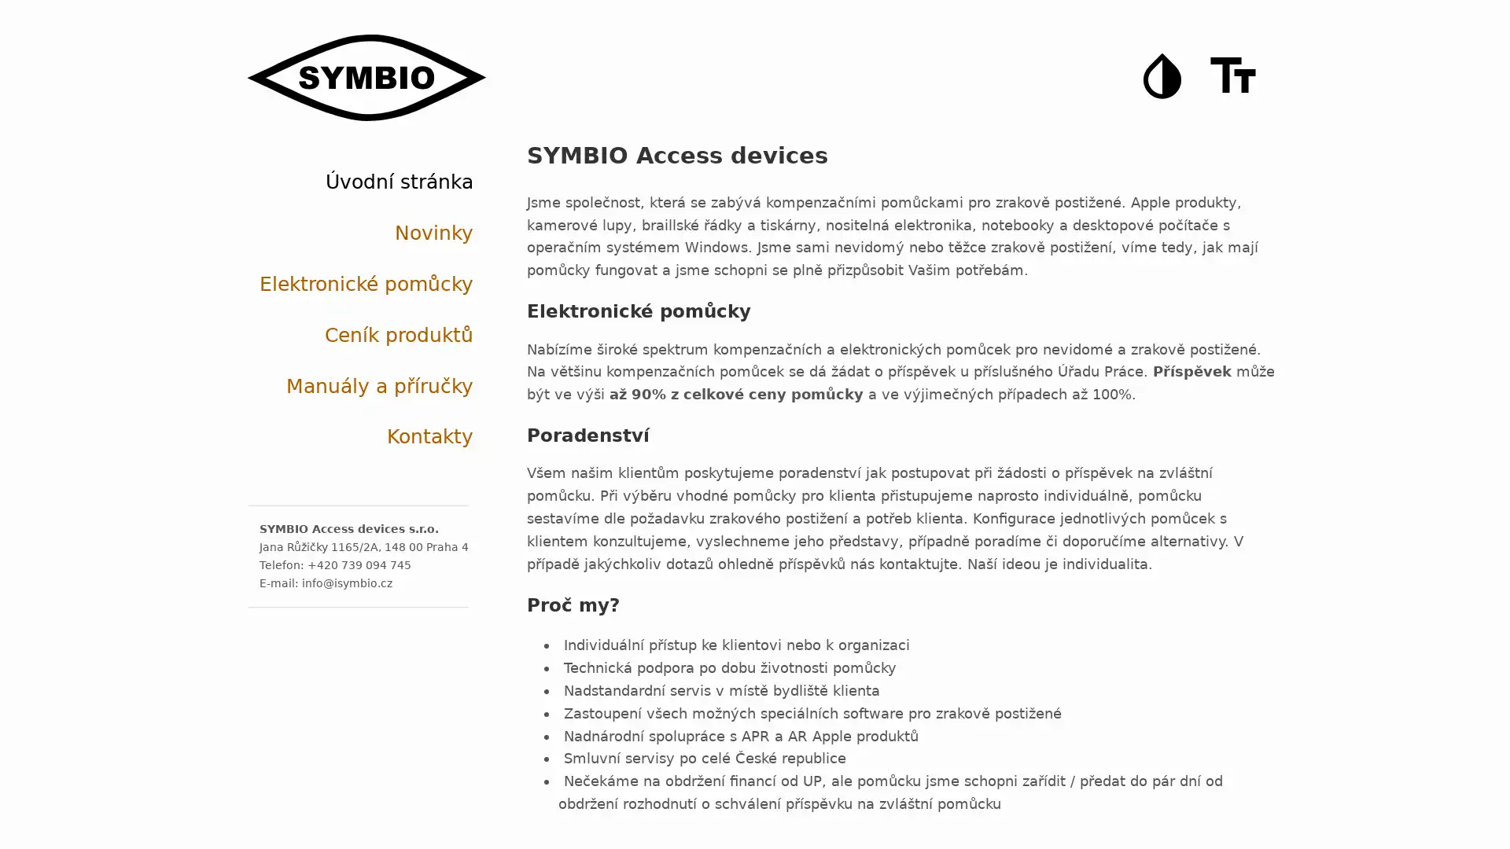  I want to click on Zmenit velikost pisma, so click(1232, 75).